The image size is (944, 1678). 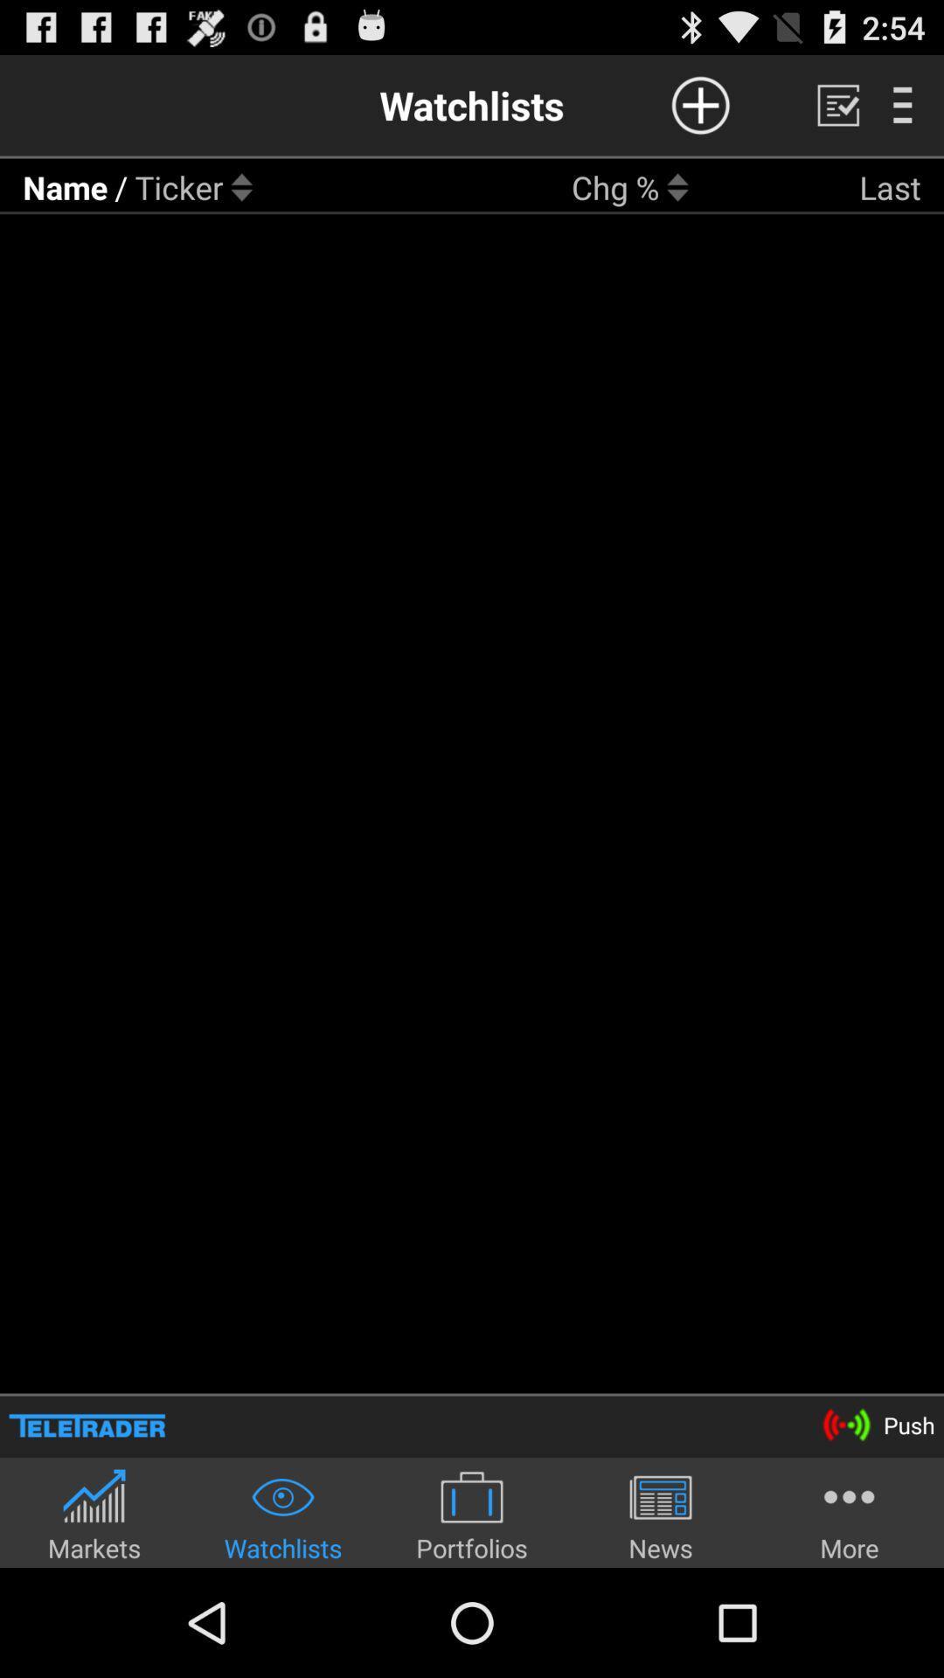 I want to click on item next to the / icon, so click(x=179, y=187).